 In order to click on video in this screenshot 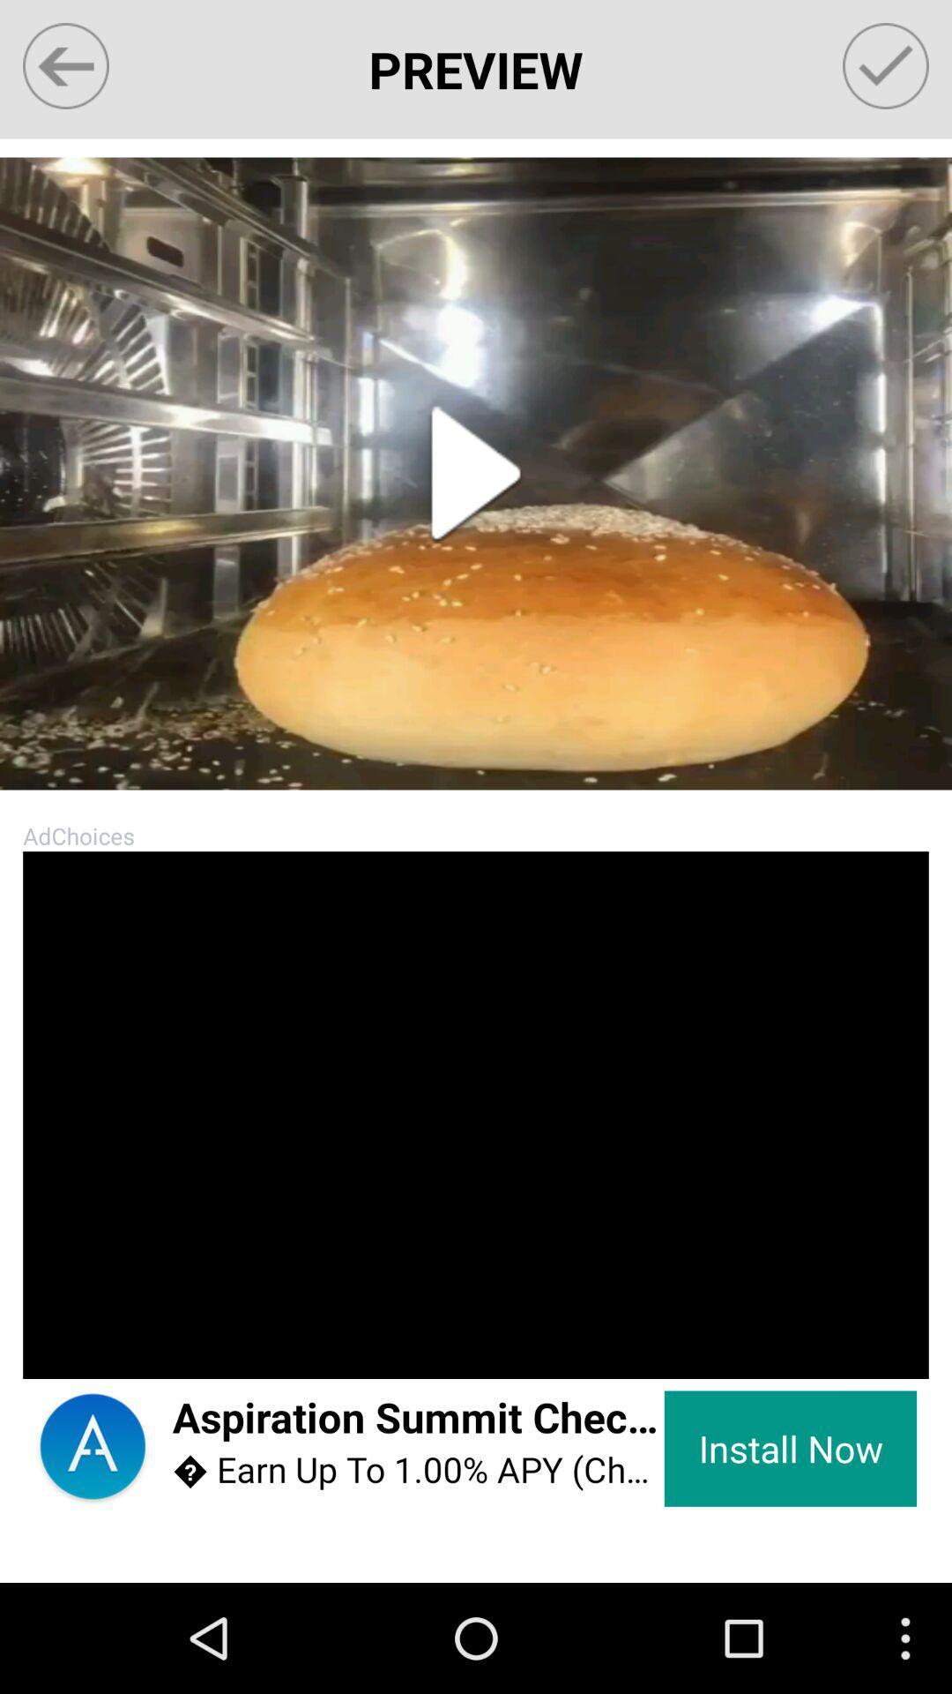, I will do `click(476, 474)`.